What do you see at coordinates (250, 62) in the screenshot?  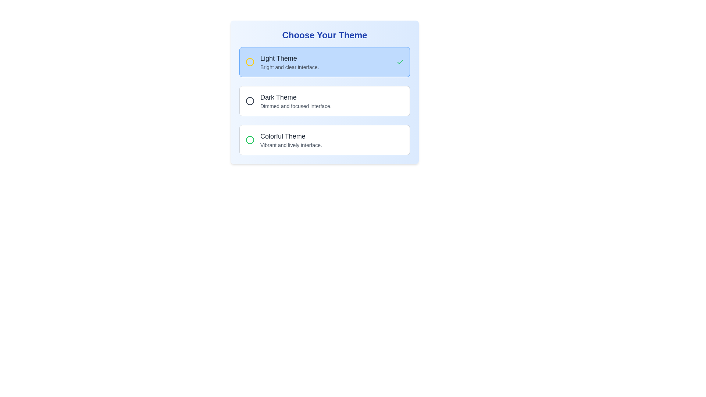 I see `SVG Circle Element representing the radio button for the 'Light Theme' option by using developer tools` at bounding box center [250, 62].